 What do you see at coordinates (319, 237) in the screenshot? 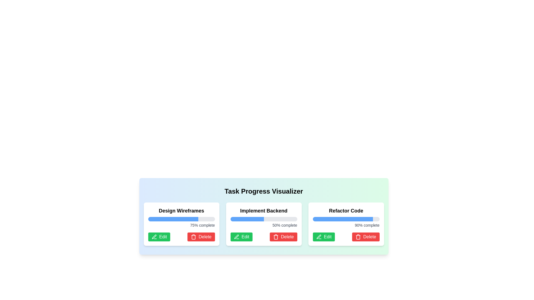
I see `the small green pen icon embedded within the green 'Edit' button on the last card titled 'Refactor Code'` at bounding box center [319, 237].